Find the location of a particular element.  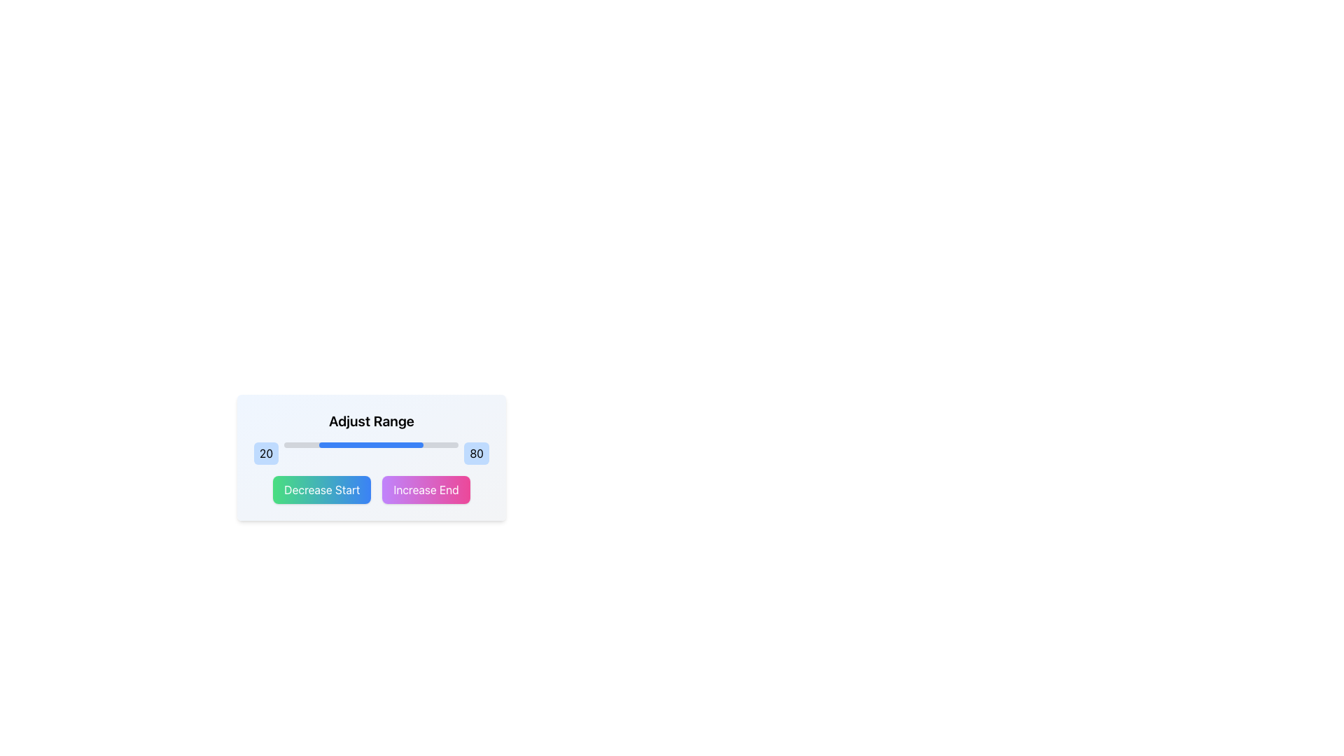

the 'Decrease Start' button, which is a rectangular button with a gradient background from green to blue and white text, located in the lower part of the interface next to the 'Increase End' button is located at coordinates (321, 489).